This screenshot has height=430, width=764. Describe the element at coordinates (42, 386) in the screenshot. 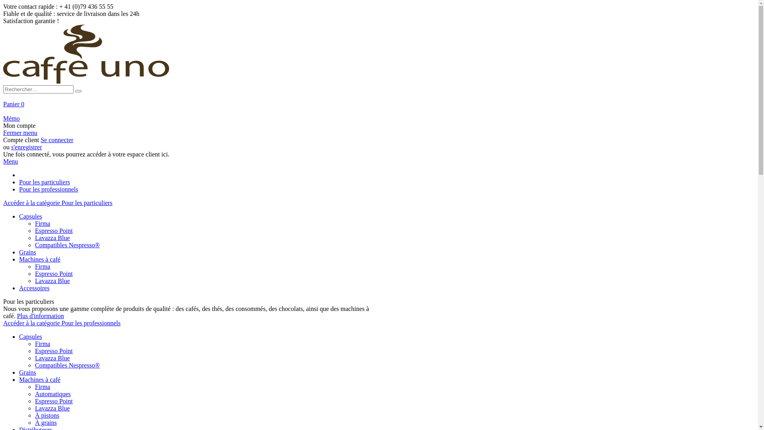

I see `'Firma'` at that location.